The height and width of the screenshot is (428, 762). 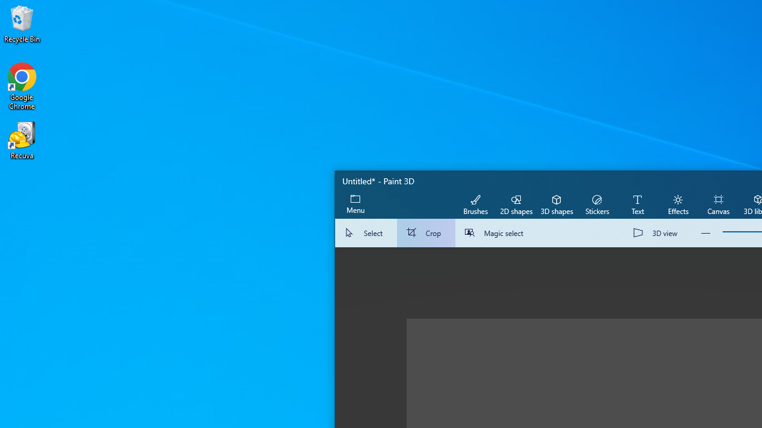 What do you see at coordinates (597, 203) in the screenshot?
I see `'Stickers'` at bounding box center [597, 203].